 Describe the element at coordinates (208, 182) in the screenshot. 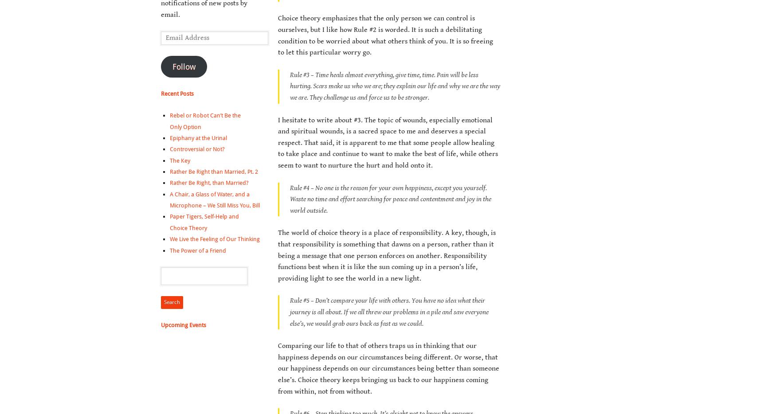

I see `'Rather Be Right, than Married?'` at that location.